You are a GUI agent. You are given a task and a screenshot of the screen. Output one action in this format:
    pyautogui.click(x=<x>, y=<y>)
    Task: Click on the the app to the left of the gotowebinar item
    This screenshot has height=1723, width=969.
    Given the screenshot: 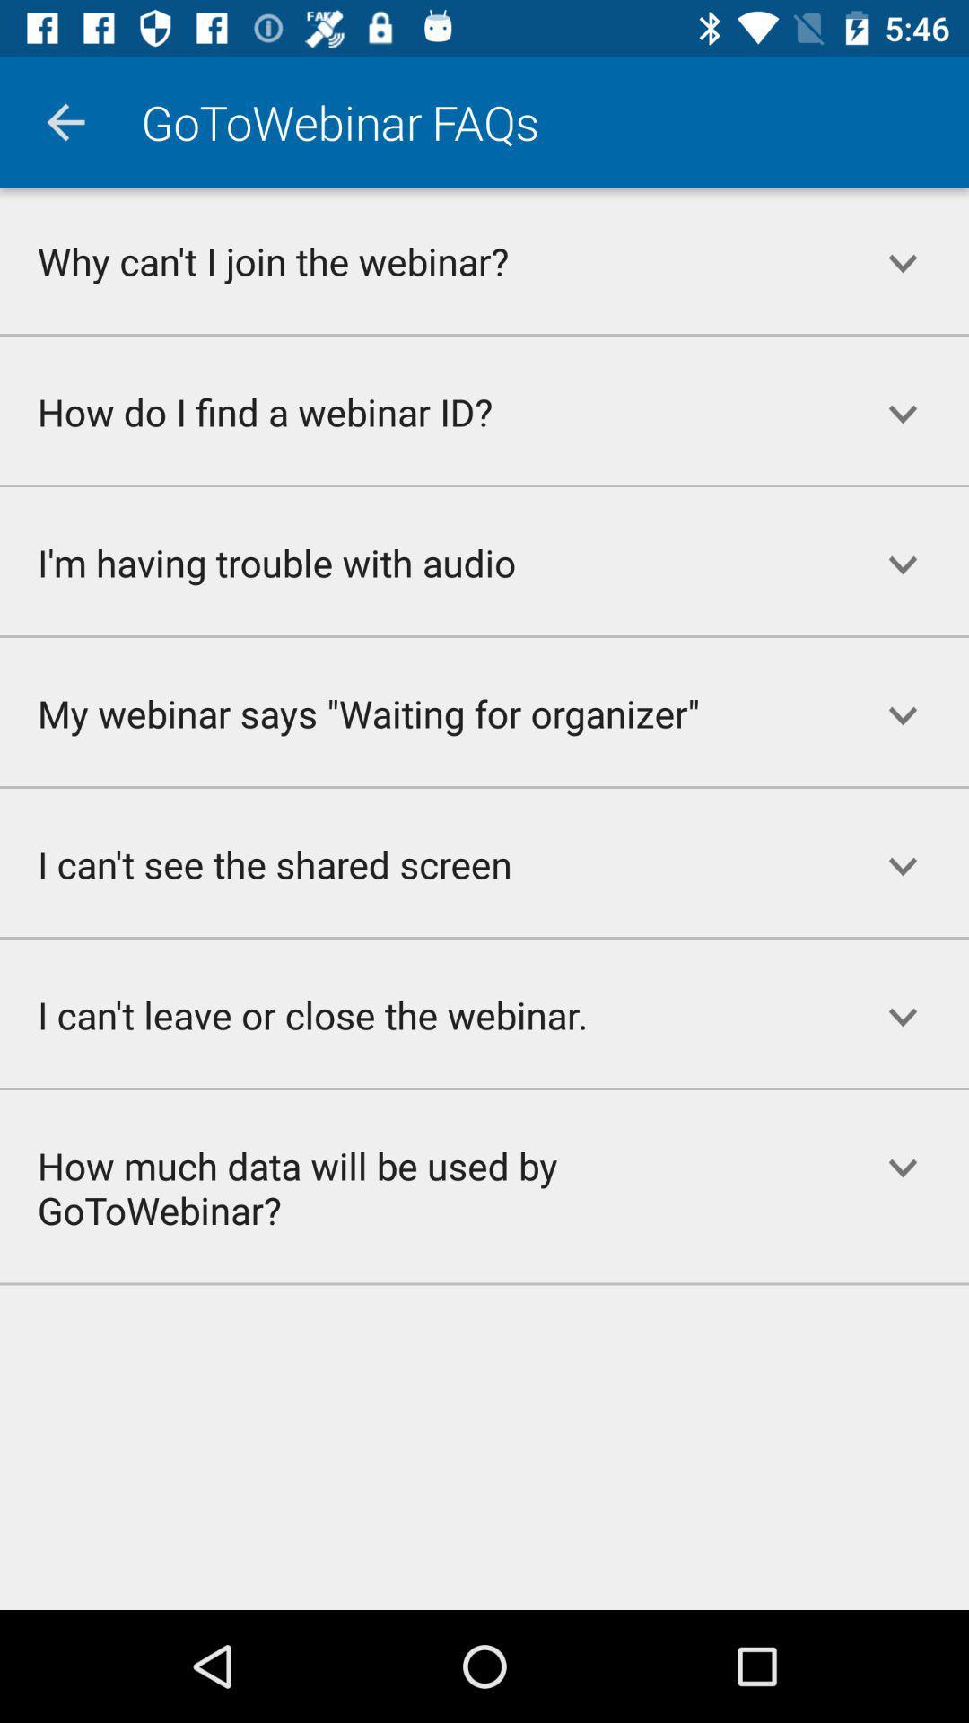 What is the action you would take?
    pyautogui.click(x=65, y=121)
    